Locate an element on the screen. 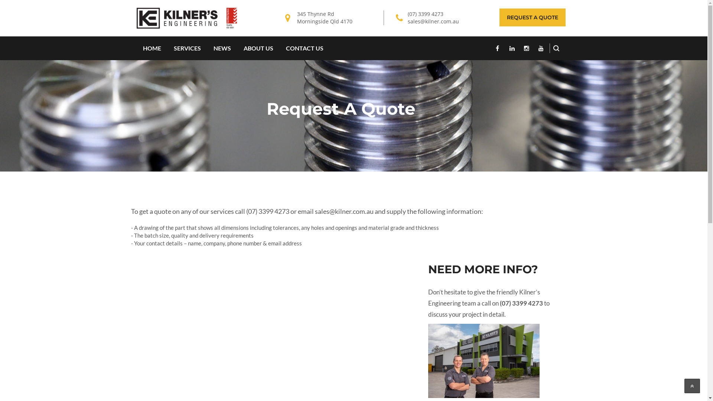  'REQUEST A QUOTE' is located at coordinates (532, 17).